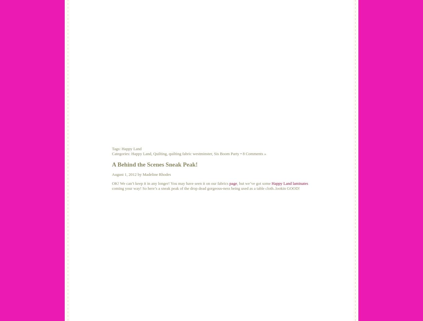  Describe the element at coordinates (141, 174) in the screenshot. I see `'August 1, 2012 by Madeline Rhodes'` at that location.